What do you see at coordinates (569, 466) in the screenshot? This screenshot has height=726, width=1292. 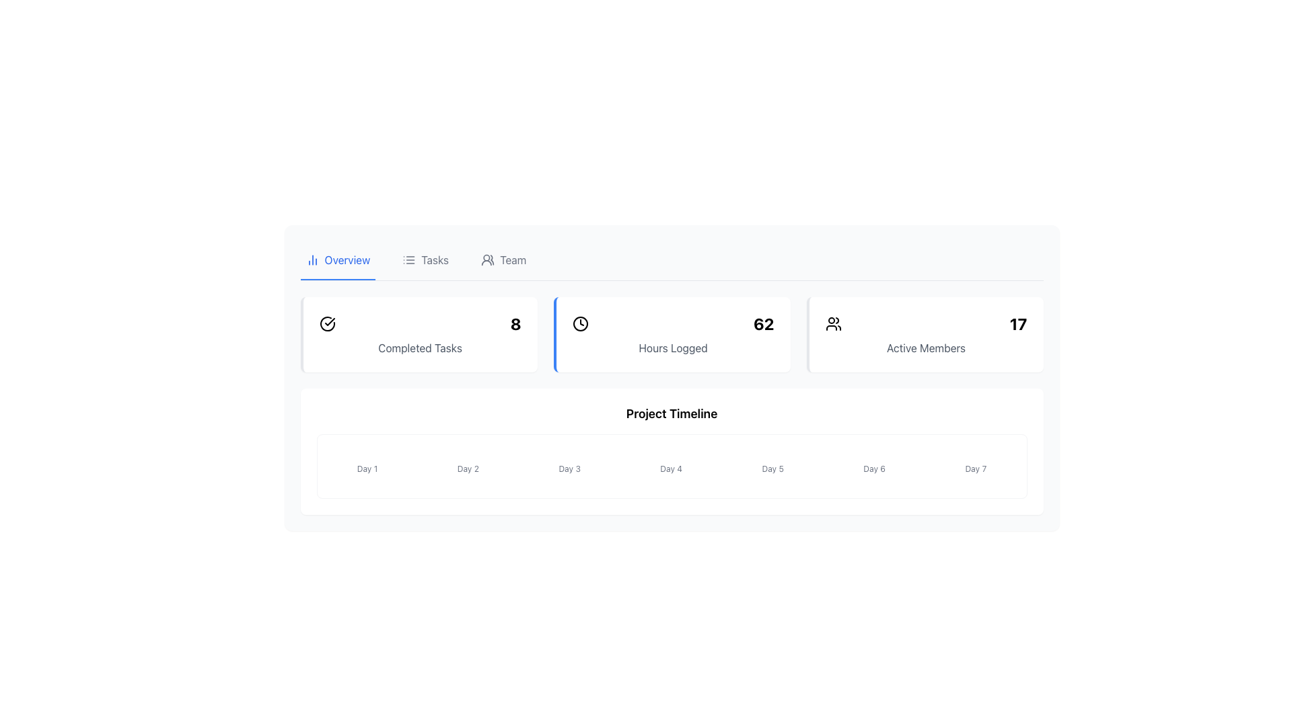 I see `the label and indicator combination for Day 3 in the timeline interface for potential interaction` at bounding box center [569, 466].